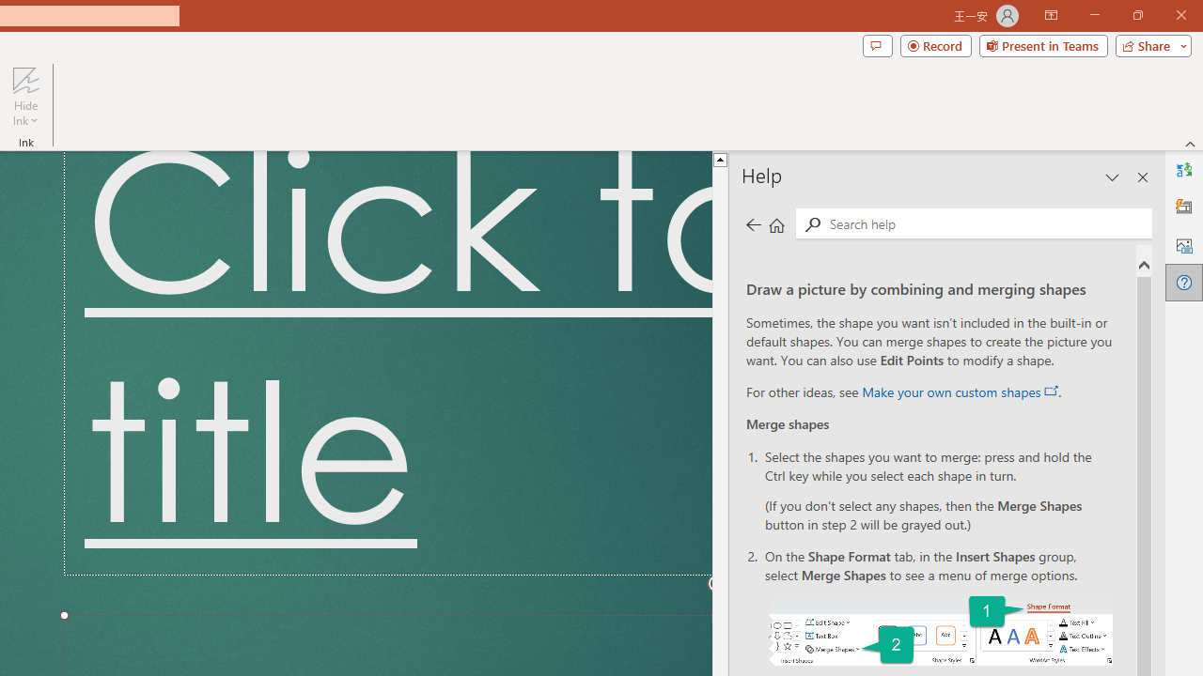 This screenshot has width=1203, height=676. Describe the element at coordinates (1183, 244) in the screenshot. I see `'Alt Text'` at that location.